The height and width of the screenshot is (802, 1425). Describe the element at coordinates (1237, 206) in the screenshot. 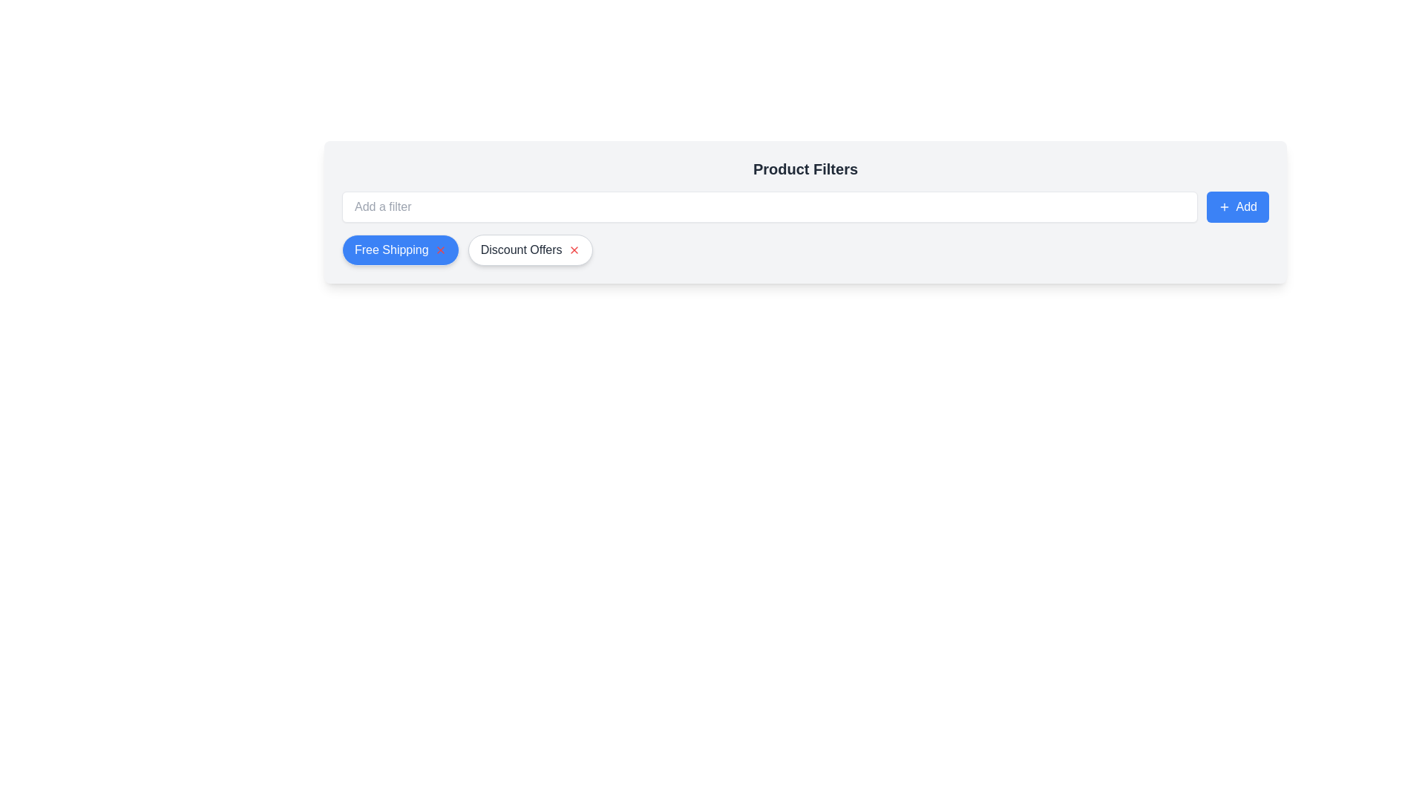

I see `the blue 'Add' button with a plus icon on the left` at that location.